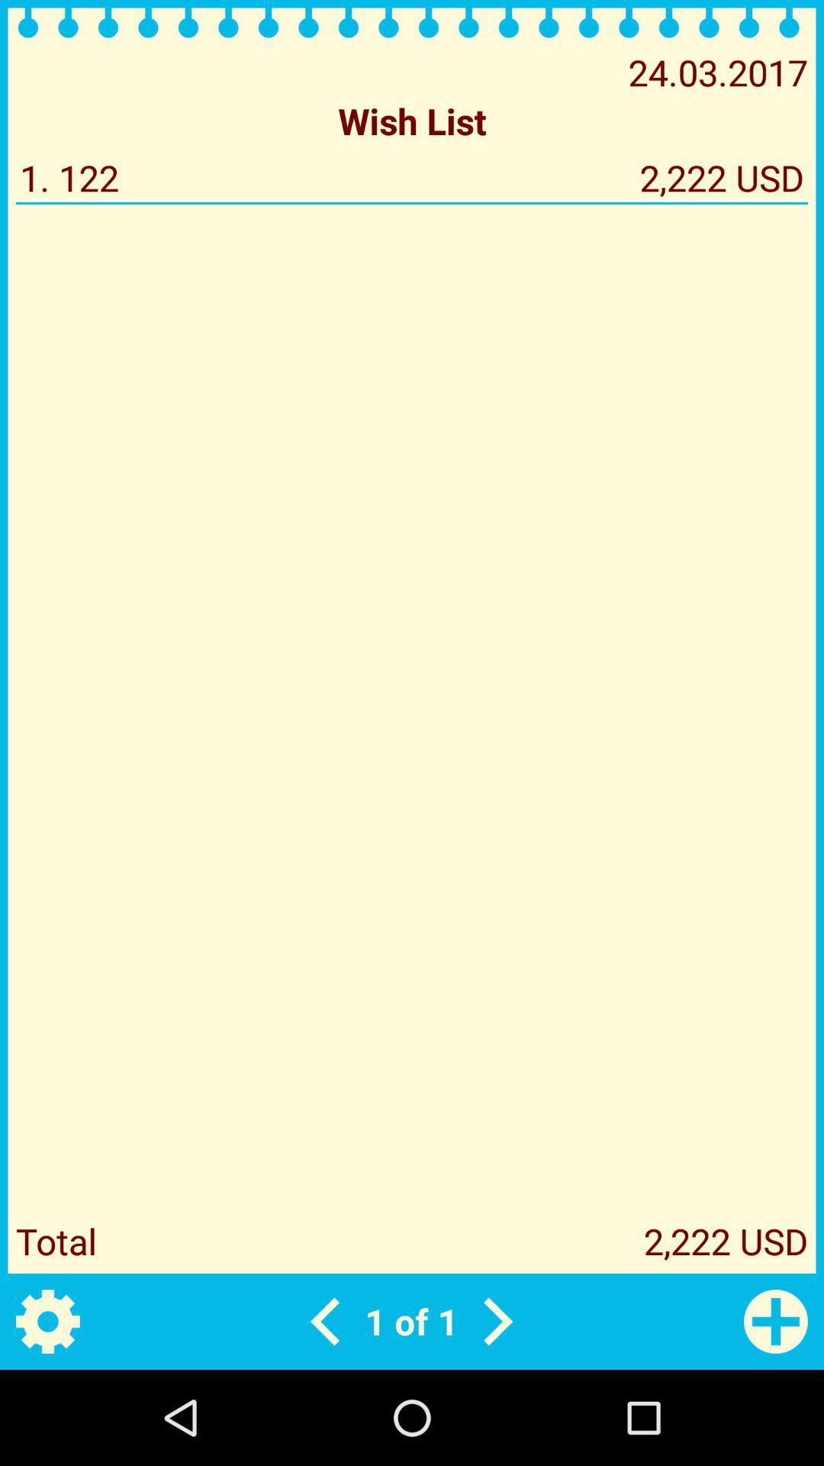 This screenshot has height=1466, width=824. What do you see at coordinates (412, 120) in the screenshot?
I see `app above the 1. 122` at bounding box center [412, 120].